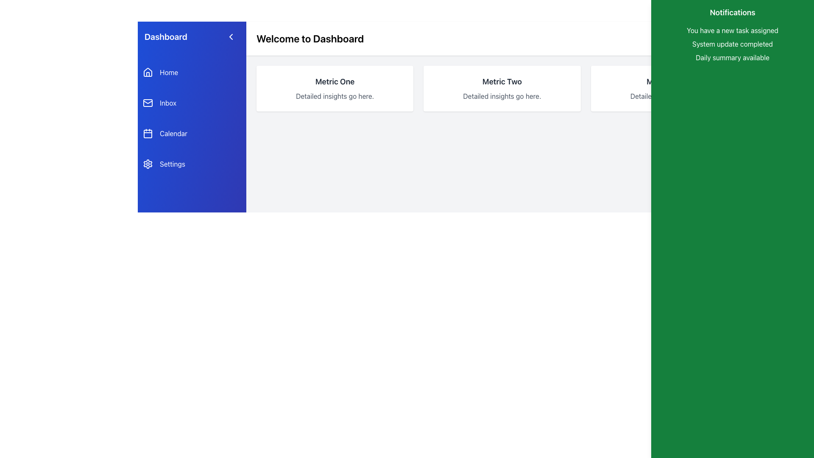  I want to click on the Home button in the left-side navigation menu, so click(148, 72).